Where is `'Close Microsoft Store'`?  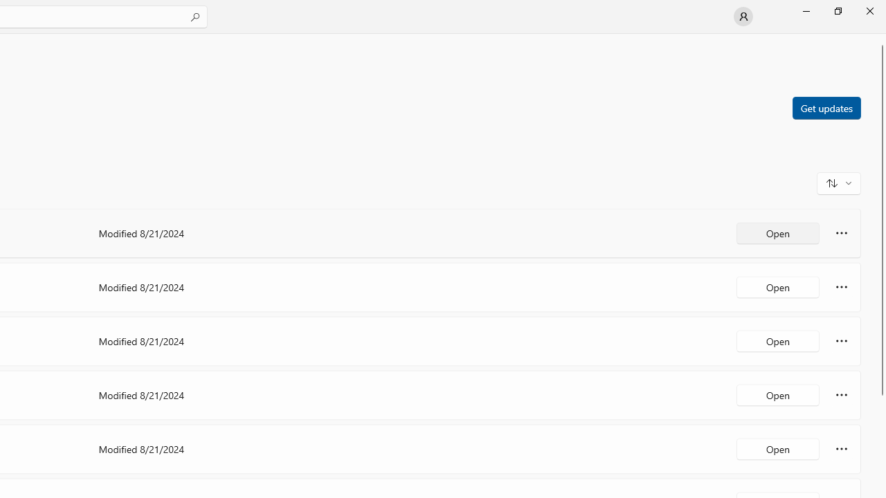
'Close Microsoft Store' is located at coordinates (869, 10).